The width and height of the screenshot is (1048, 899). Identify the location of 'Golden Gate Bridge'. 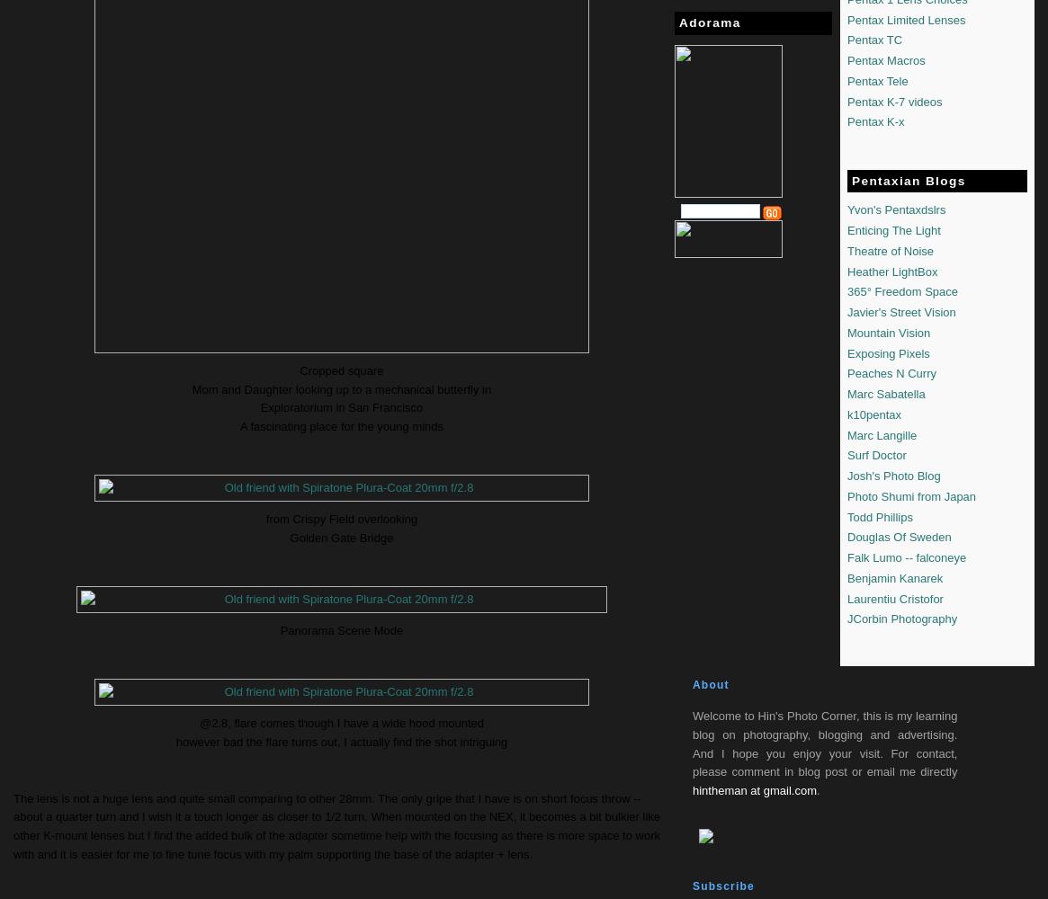
(290, 537).